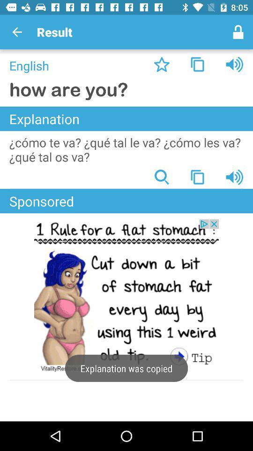 The image size is (253, 451). I want to click on the icon next to the result item, so click(17, 32).